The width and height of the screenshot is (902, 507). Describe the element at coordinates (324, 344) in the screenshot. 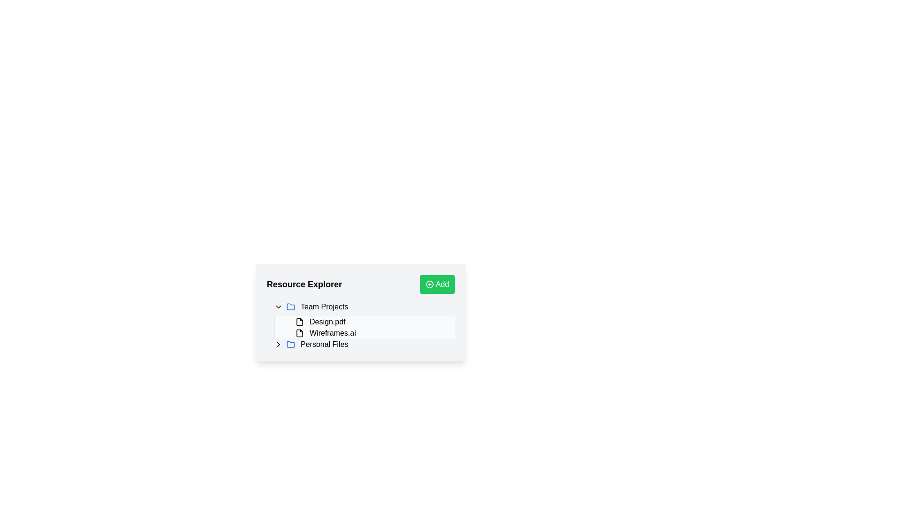

I see `the 'Personal Files' text label` at that location.